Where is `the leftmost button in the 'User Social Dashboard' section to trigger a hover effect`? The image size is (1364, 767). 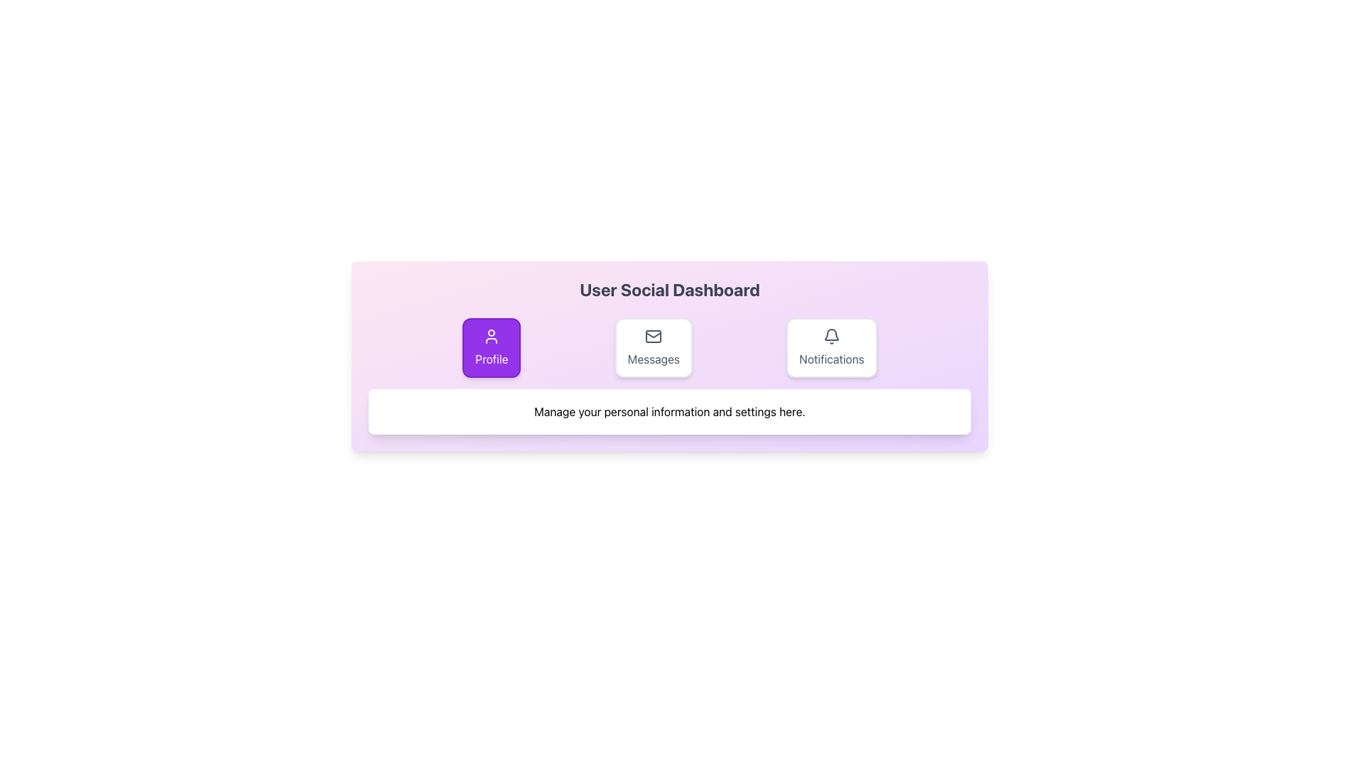
the leftmost button in the 'User Social Dashboard' section to trigger a hover effect is located at coordinates (492, 347).